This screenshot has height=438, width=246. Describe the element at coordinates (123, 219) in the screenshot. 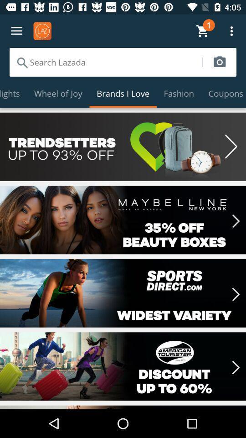

I see `35 off discount banner` at that location.